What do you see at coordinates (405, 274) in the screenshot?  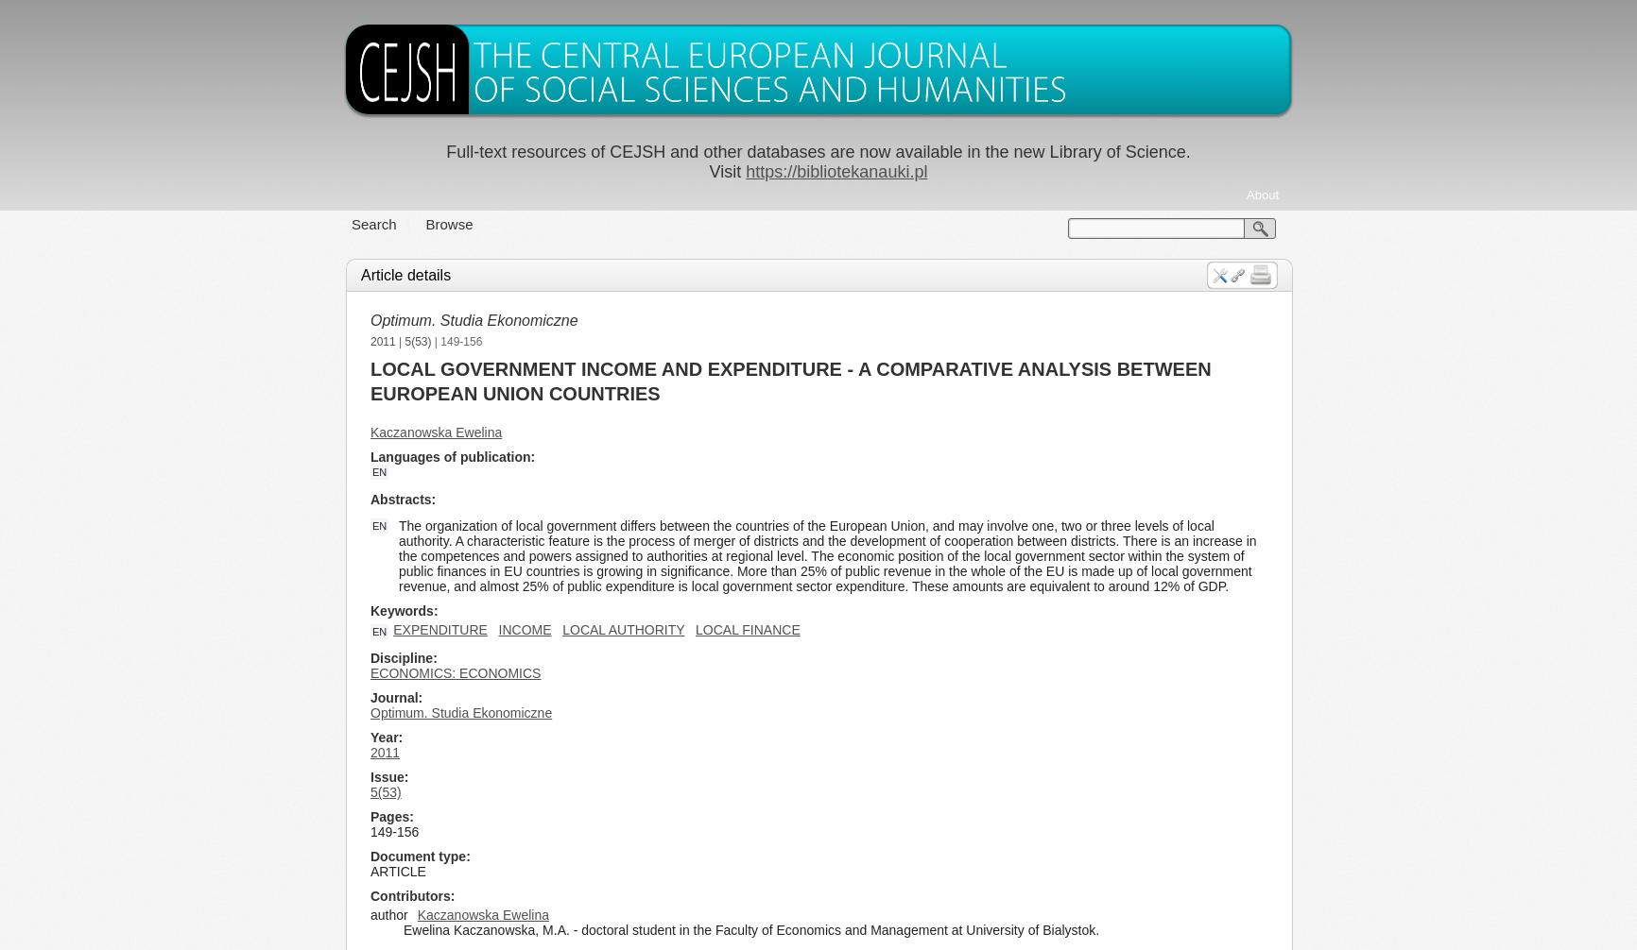 I see `'Article details'` at bounding box center [405, 274].